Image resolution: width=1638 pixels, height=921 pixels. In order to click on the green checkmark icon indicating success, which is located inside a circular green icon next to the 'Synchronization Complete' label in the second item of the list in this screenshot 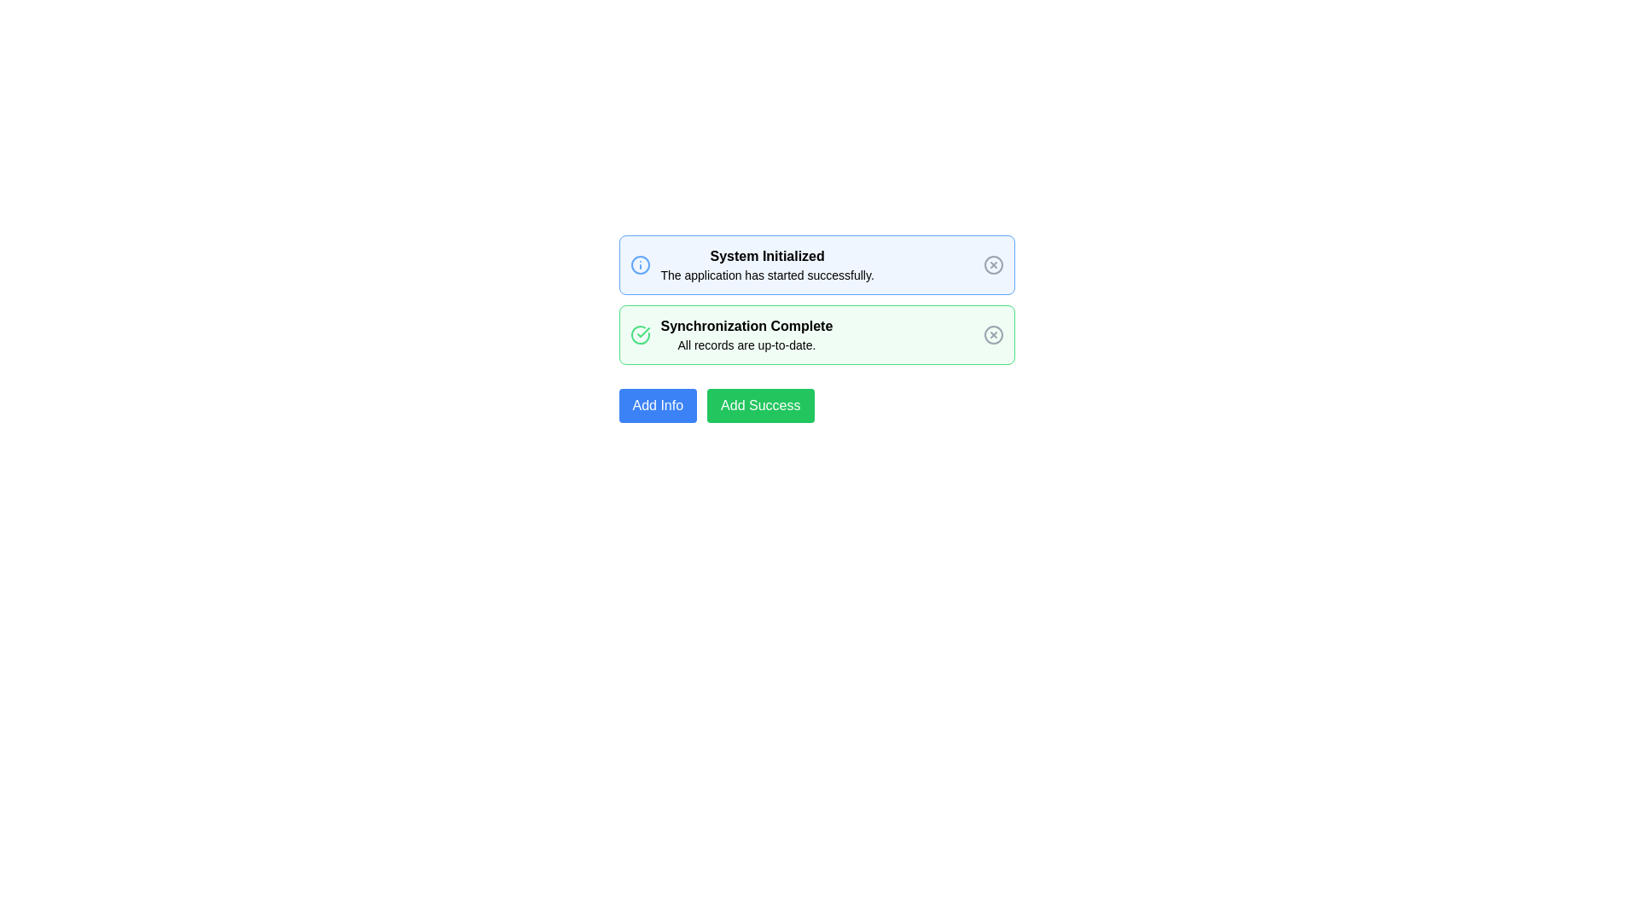, I will do `click(642, 332)`.